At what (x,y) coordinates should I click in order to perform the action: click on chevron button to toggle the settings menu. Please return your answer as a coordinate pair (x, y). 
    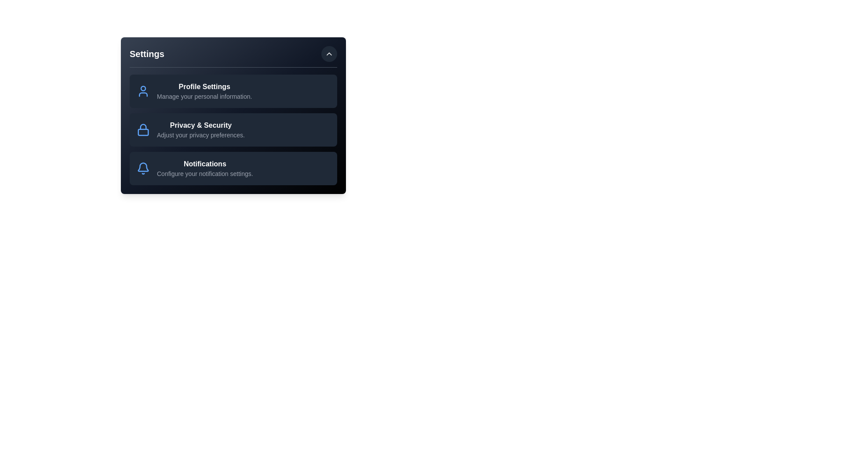
    Looking at the image, I should click on (328, 54).